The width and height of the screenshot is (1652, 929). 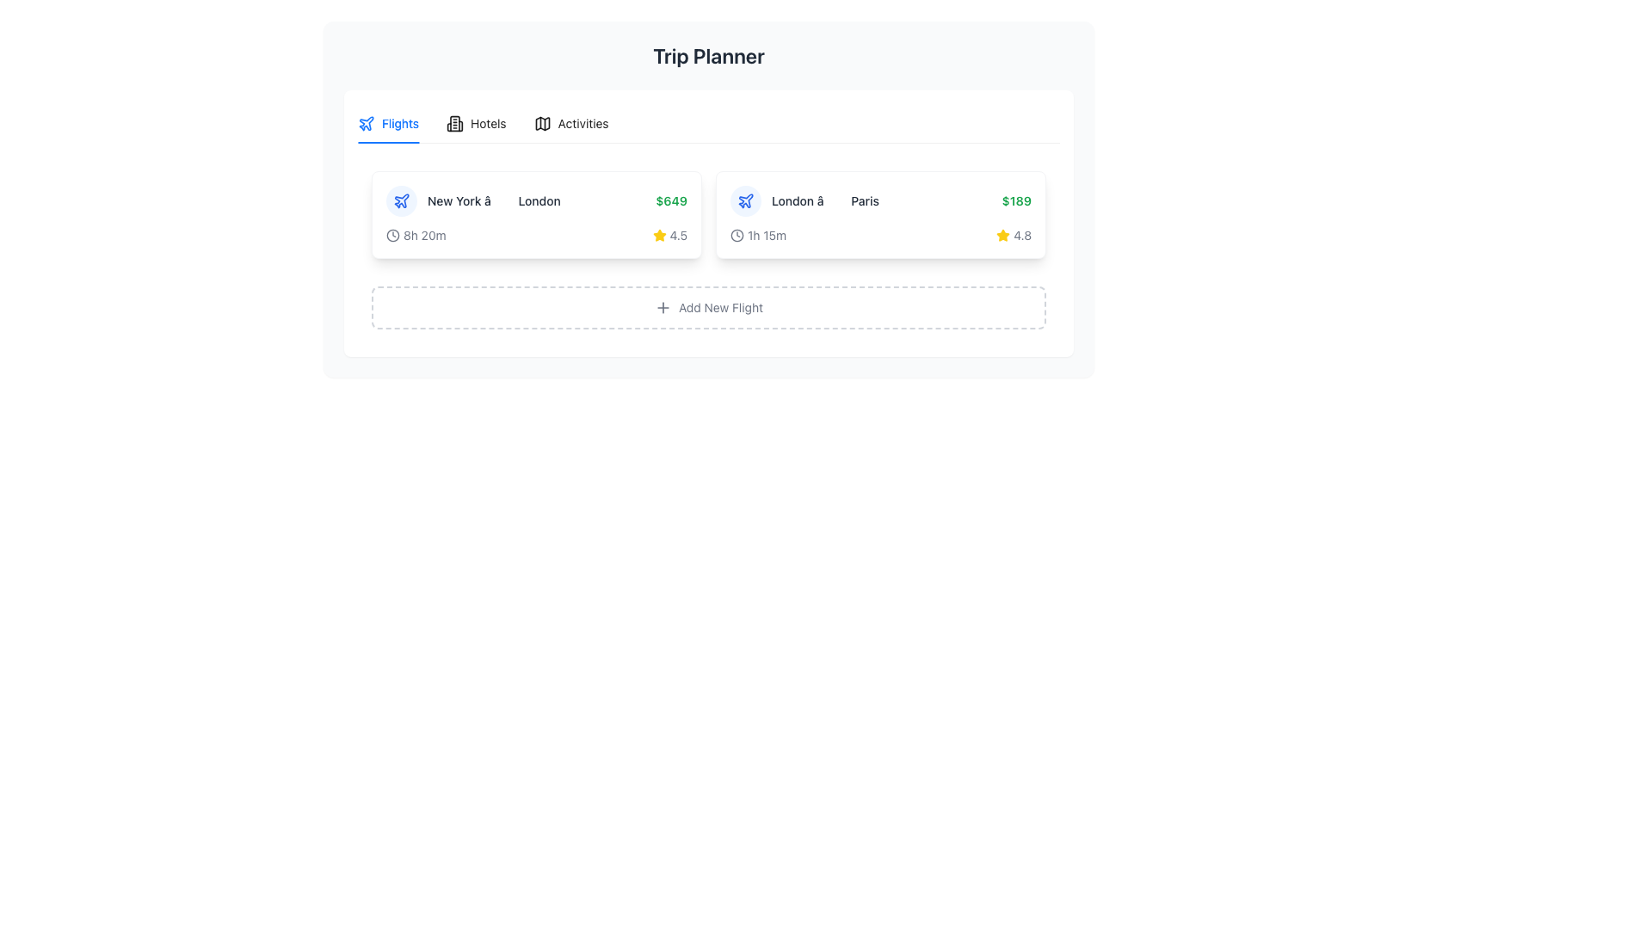 I want to click on flight route information displayed in the upper-right section of the flight planner interface, which indicates a flight from London to Paris, so click(x=804, y=200).